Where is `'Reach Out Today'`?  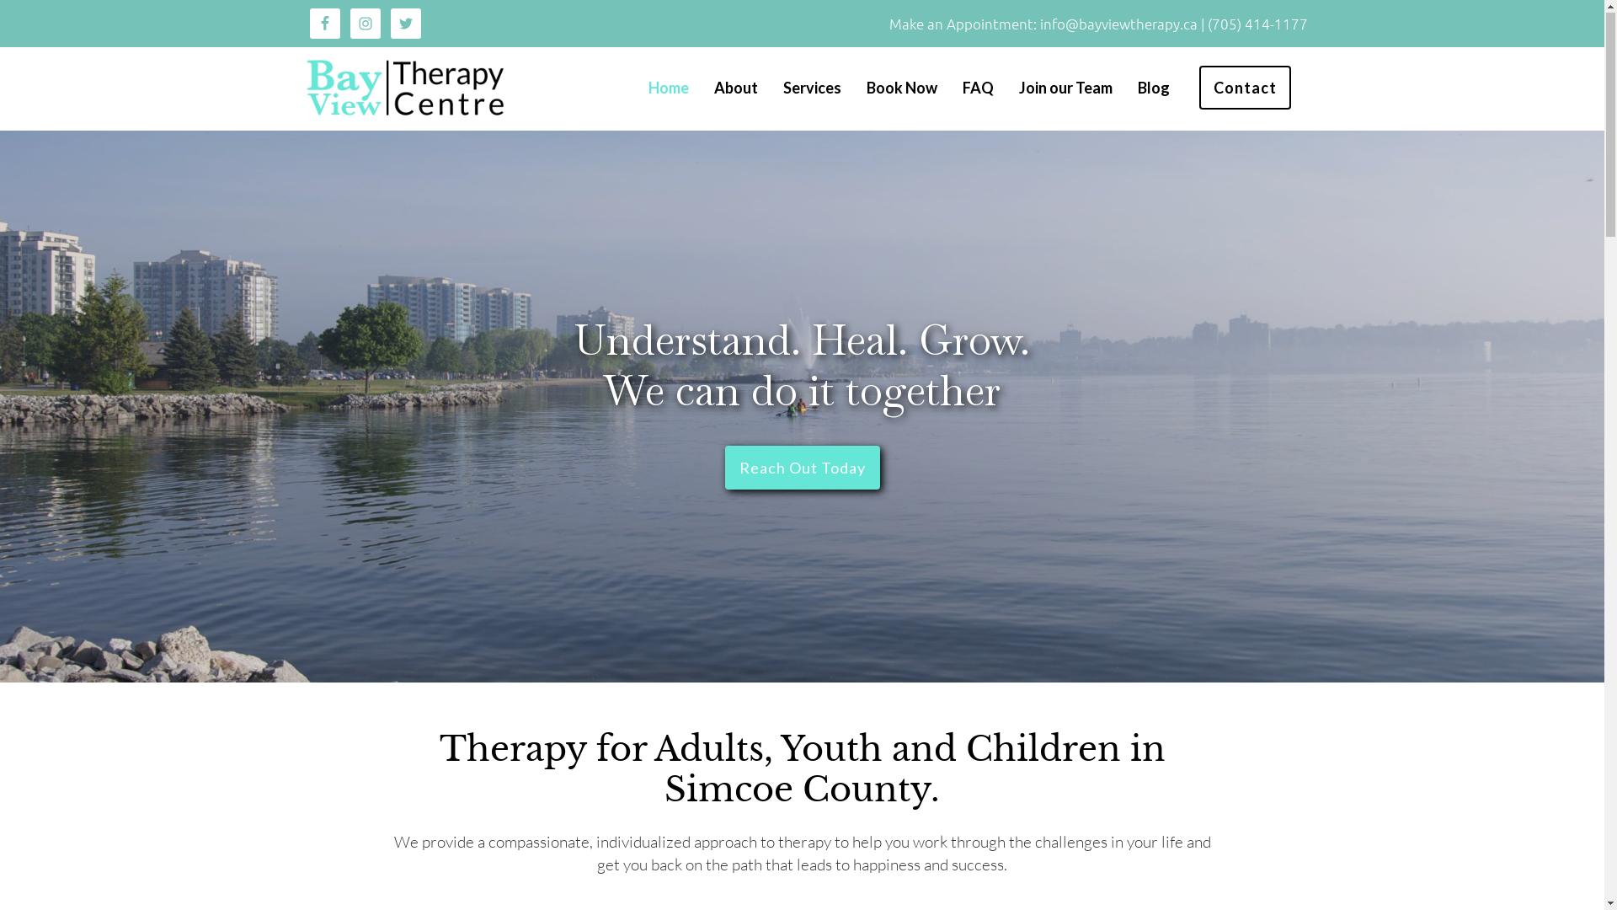 'Reach Out Today' is located at coordinates (723, 468).